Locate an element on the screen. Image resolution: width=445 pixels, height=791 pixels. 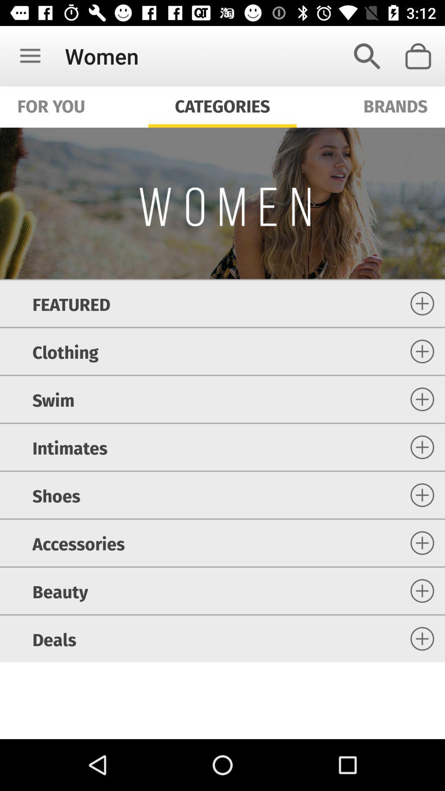
icon above shoes icon is located at coordinates (69, 447).